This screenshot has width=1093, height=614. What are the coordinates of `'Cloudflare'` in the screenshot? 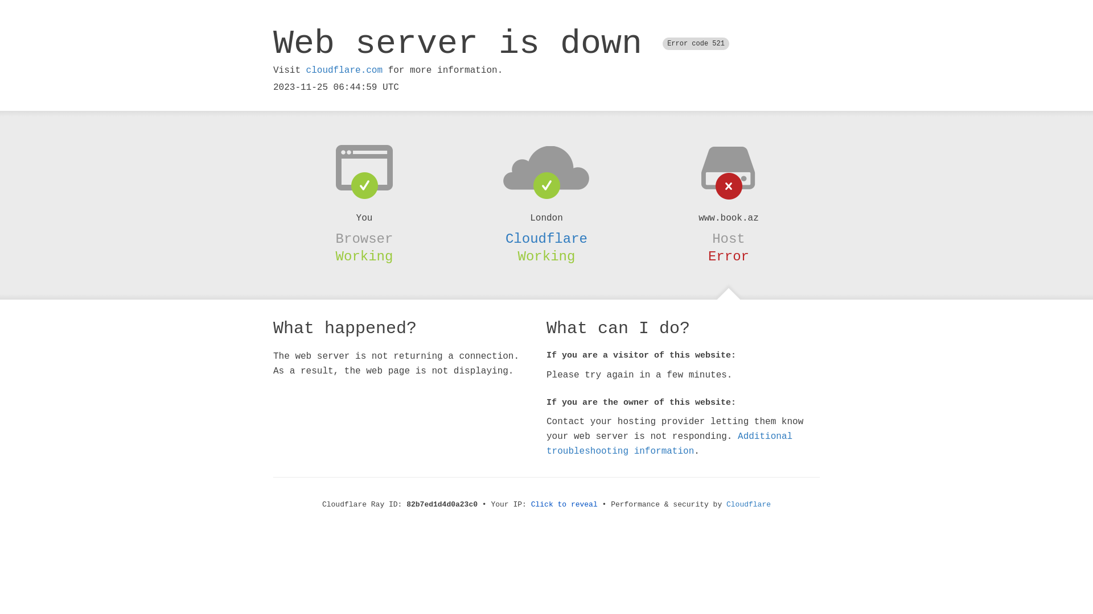 It's located at (505, 238).